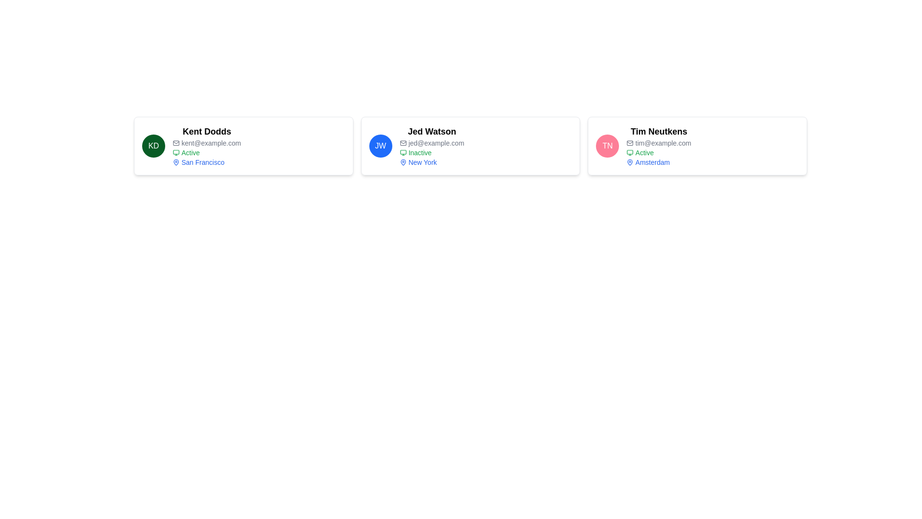  Describe the element at coordinates (630, 152) in the screenshot. I see `the green monitor icon indicating the active status for user 'Tim Neutkens', located in the bottom-left region of his card` at that location.